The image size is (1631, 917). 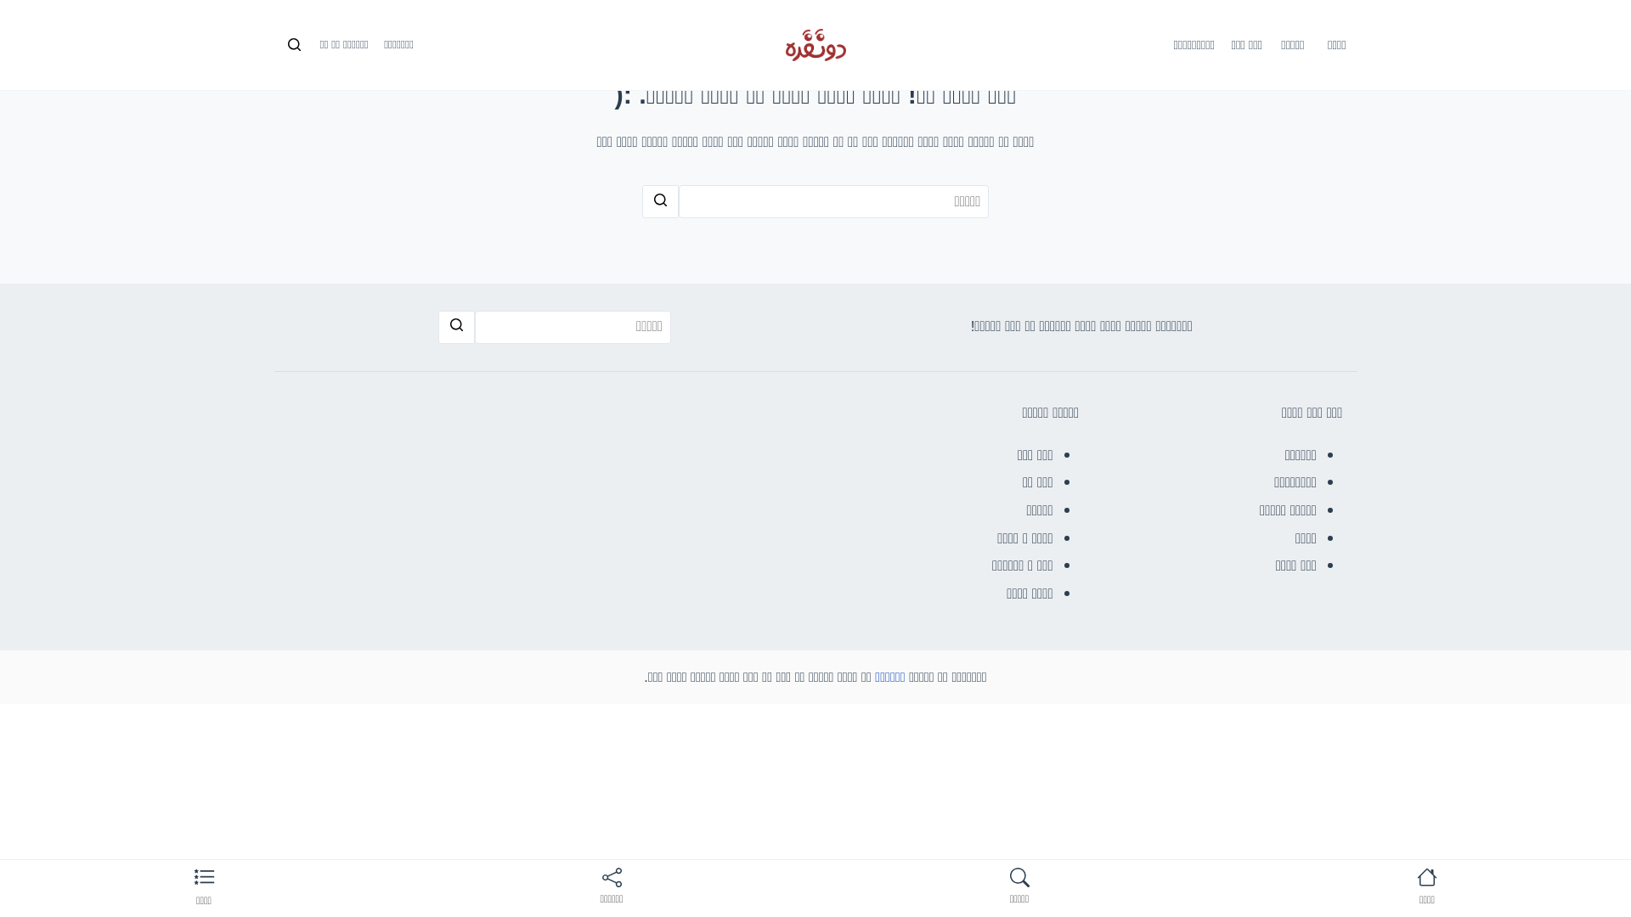 What do you see at coordinates (573, 327) in the screenshot?
I see `'Search Input'` at bounding box center [573, 327].